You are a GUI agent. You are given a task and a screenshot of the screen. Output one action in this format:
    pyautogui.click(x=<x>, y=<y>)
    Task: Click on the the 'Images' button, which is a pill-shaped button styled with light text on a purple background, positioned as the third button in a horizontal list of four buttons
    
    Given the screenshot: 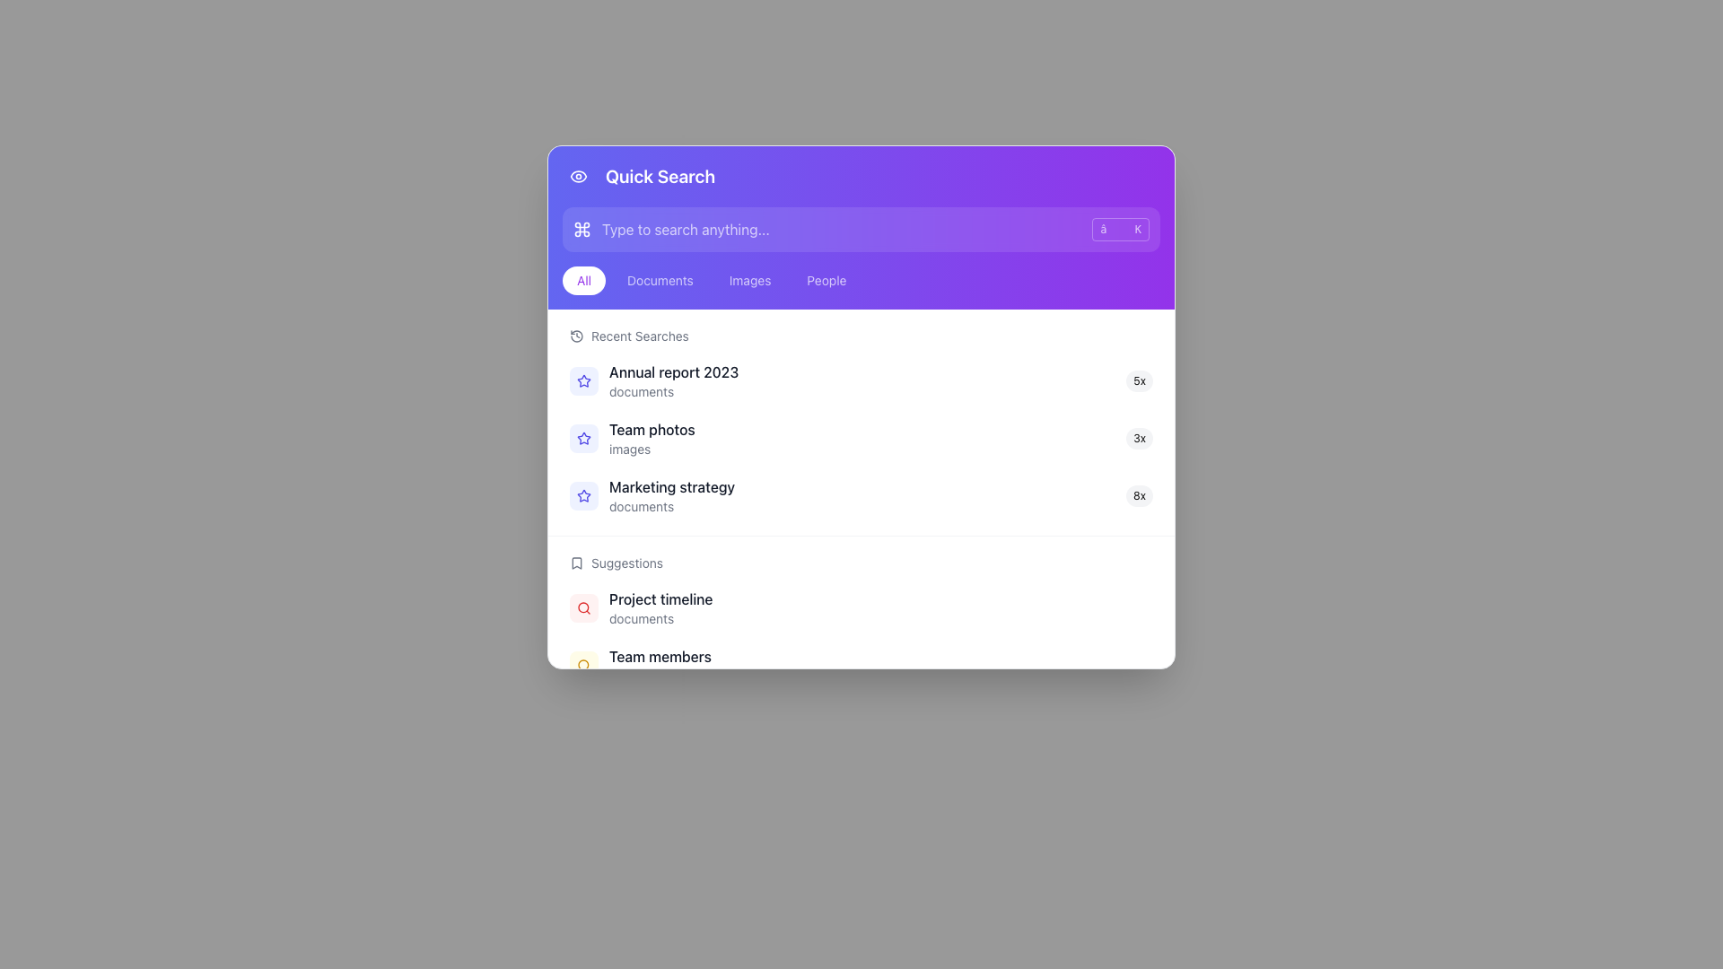 What is the action you would take?
    pyautogui.click(x=750, y=280)
    